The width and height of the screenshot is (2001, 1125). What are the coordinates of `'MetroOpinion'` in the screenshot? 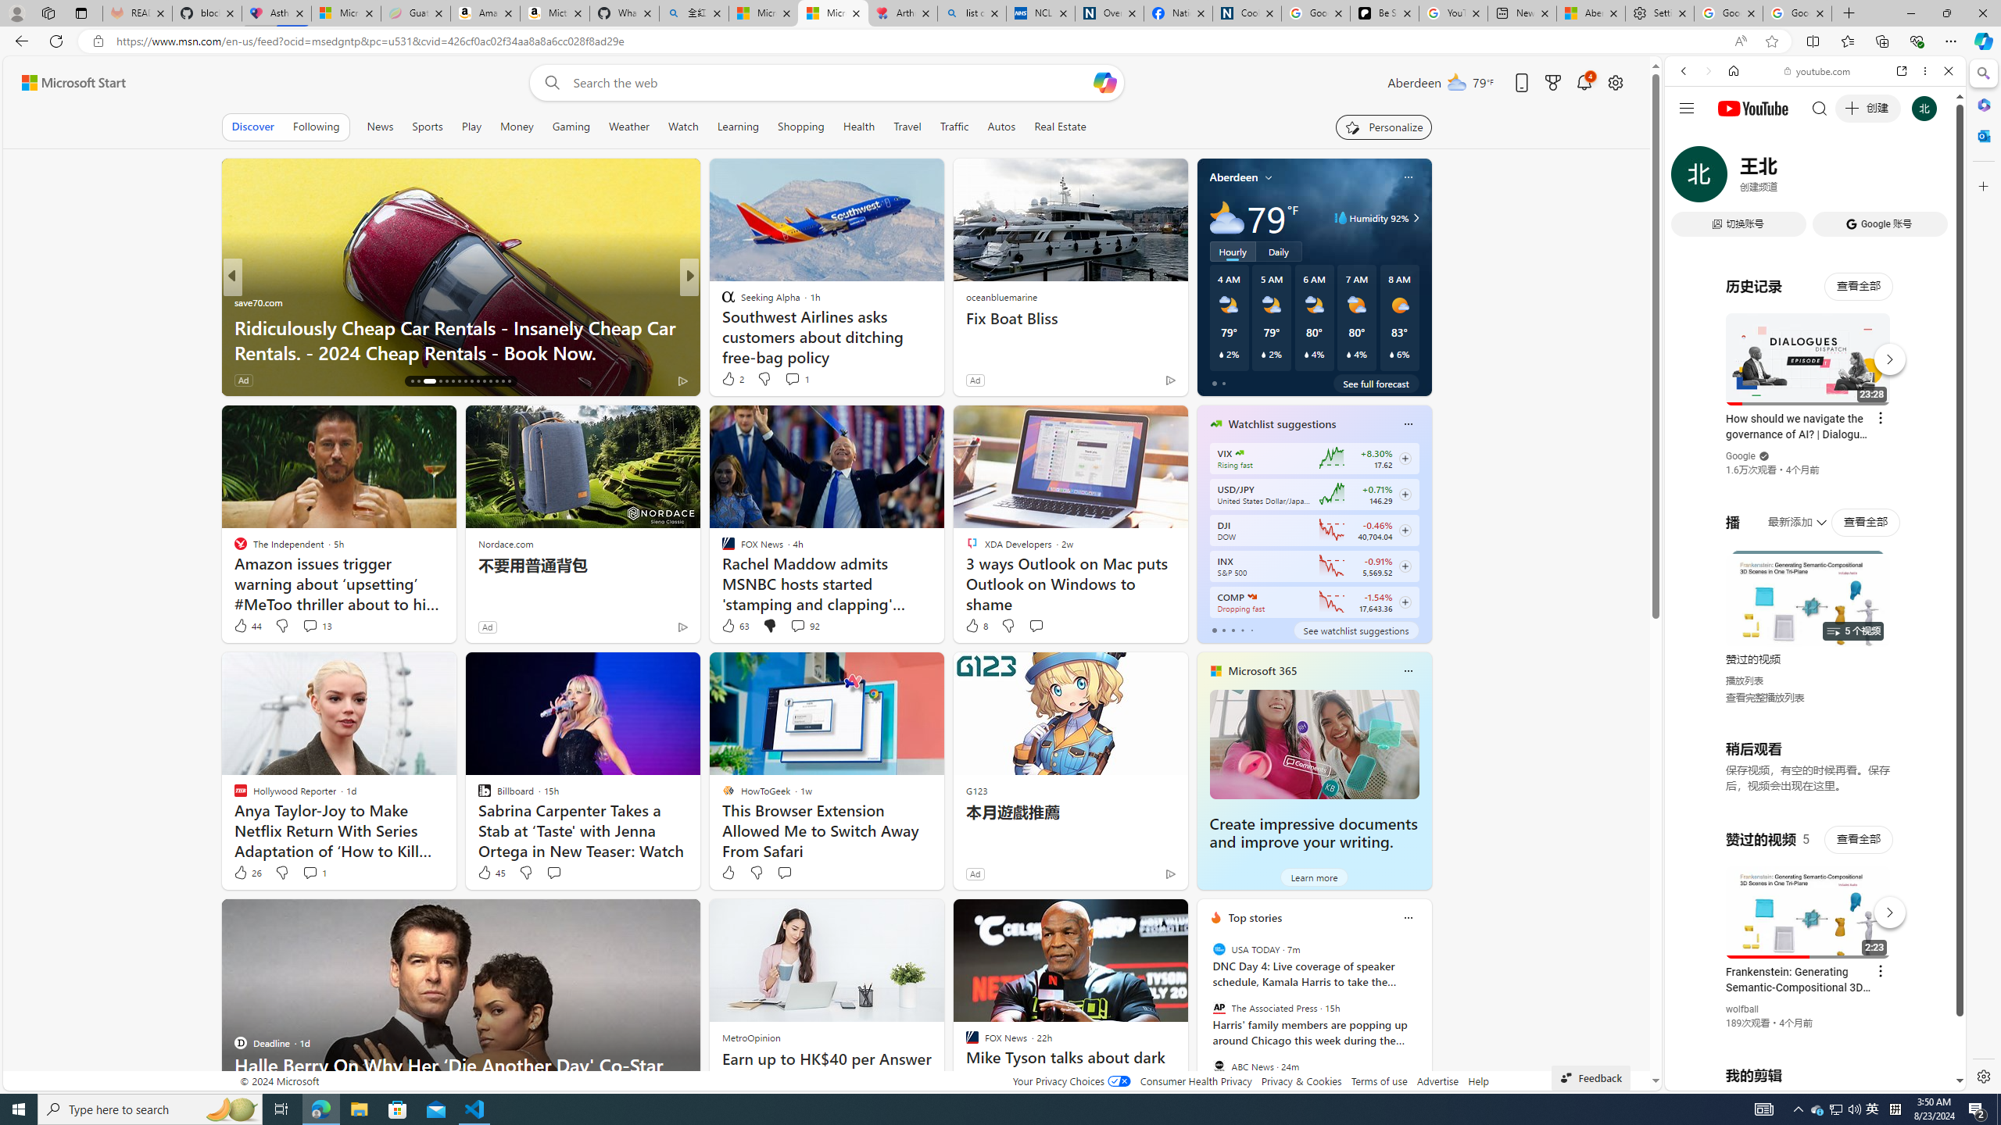 It's located at (751, 1037).